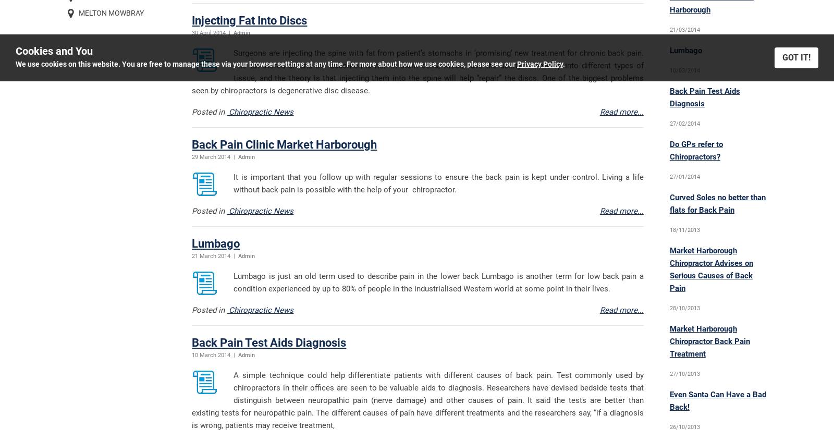  What do you see at coordinates (683, 29) in the screenshot?
I see `'21/03/2014'` at bounding box center [683, 29].